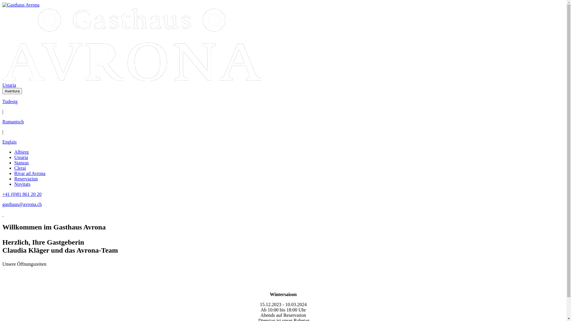 Image resolution: width=571 pixels, height=321 pixels. Describe the element at coordinates (13, 121) in the screenshot. I see `'Rumantsch'` at that location.